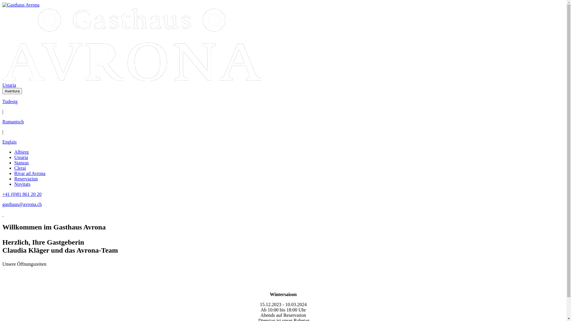 Image resolution: width=571 pixels, height=321 pixels. Describe the element at coordinates (13, 121) in the screenshot. I see `'Rumantsch'` at that location.